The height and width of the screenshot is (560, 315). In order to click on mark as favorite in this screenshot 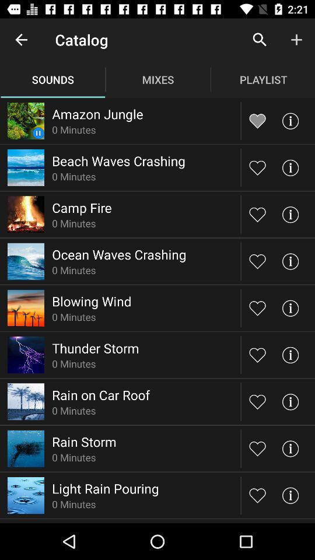, I will do `click(257, 213)`.